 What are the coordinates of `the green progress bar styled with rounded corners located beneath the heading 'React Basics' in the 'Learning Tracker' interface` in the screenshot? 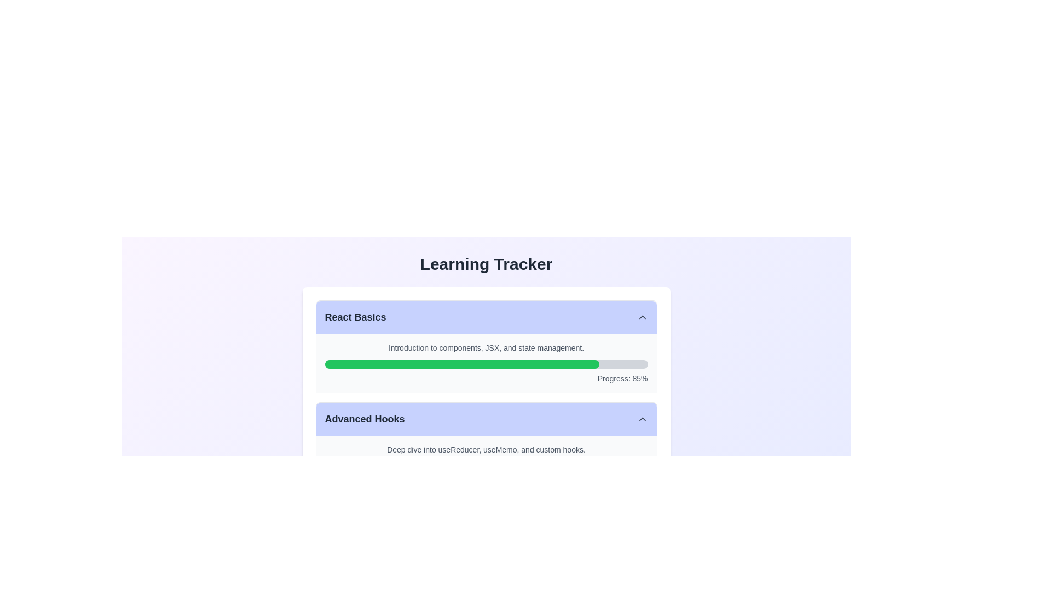 It's located at (462, 364).